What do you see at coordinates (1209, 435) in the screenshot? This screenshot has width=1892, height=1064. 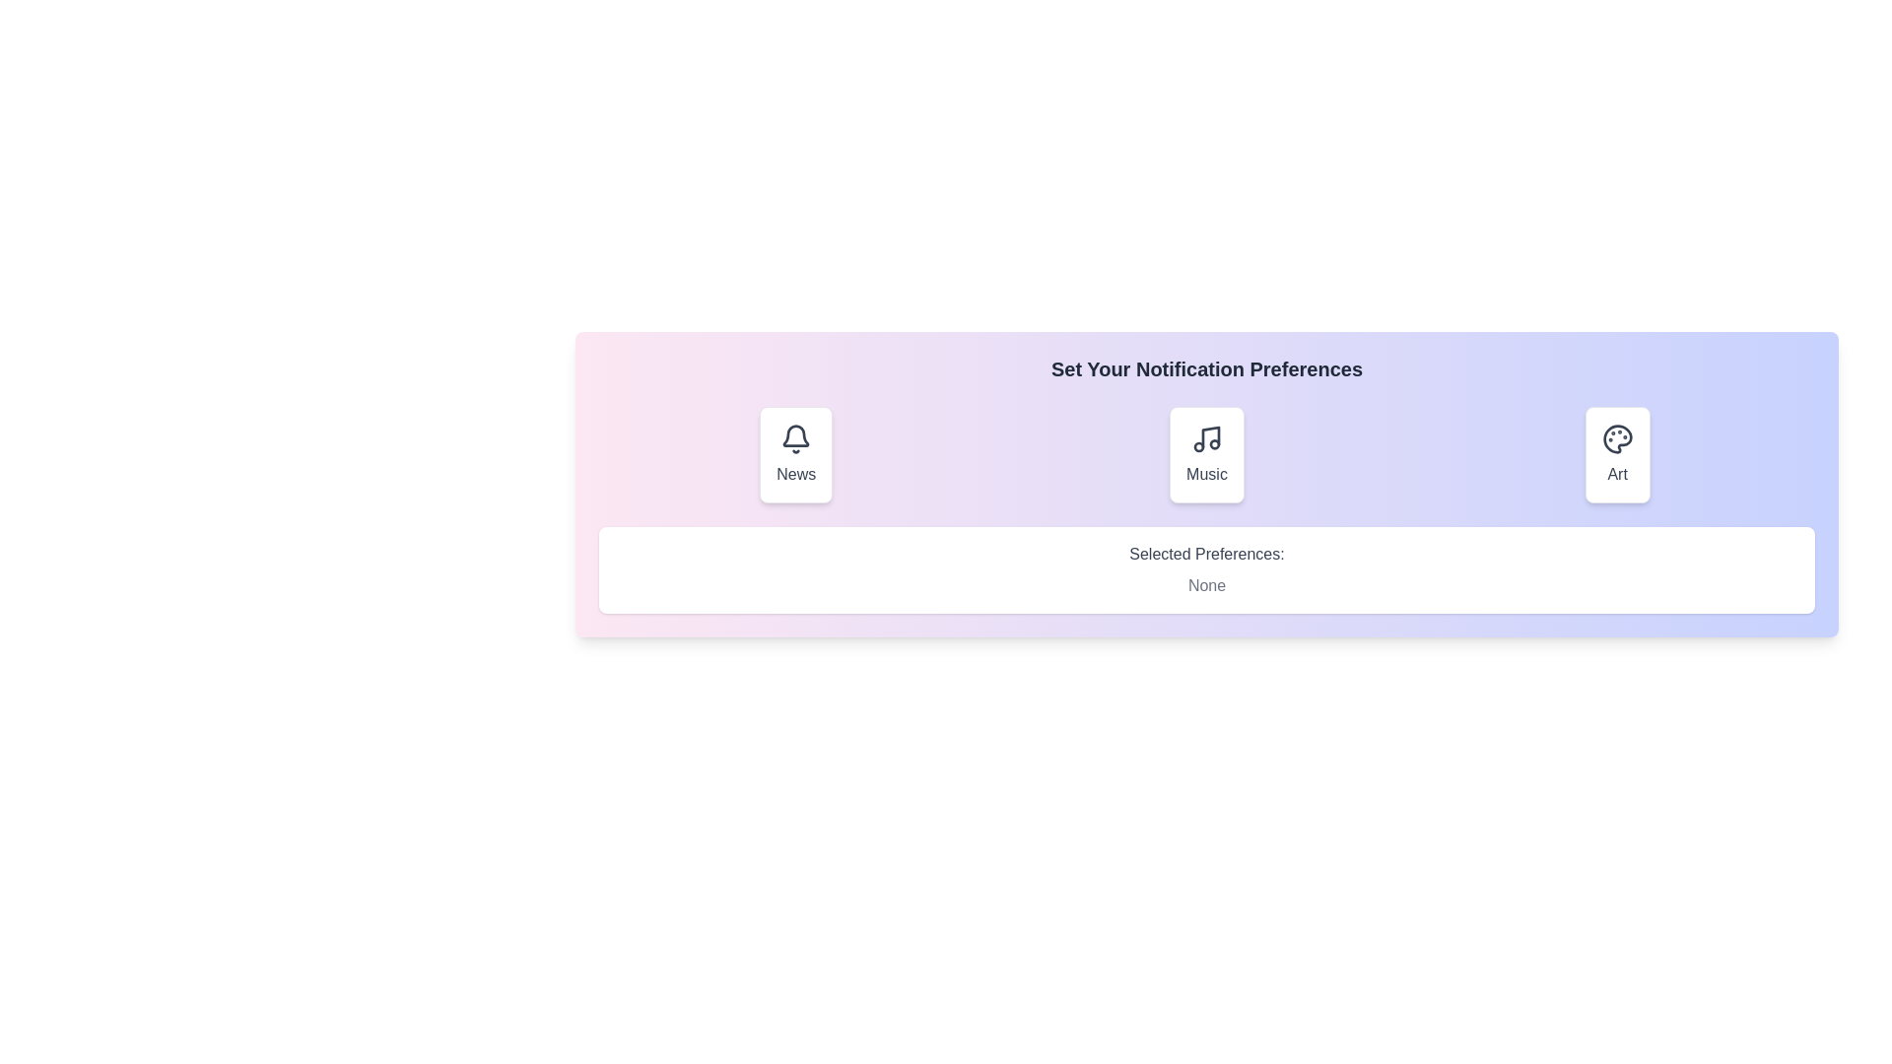 I see `the vertical line of the musical note within the 'Music' icon, which is located at the center of the interface` at bounding box center [1209, 435].